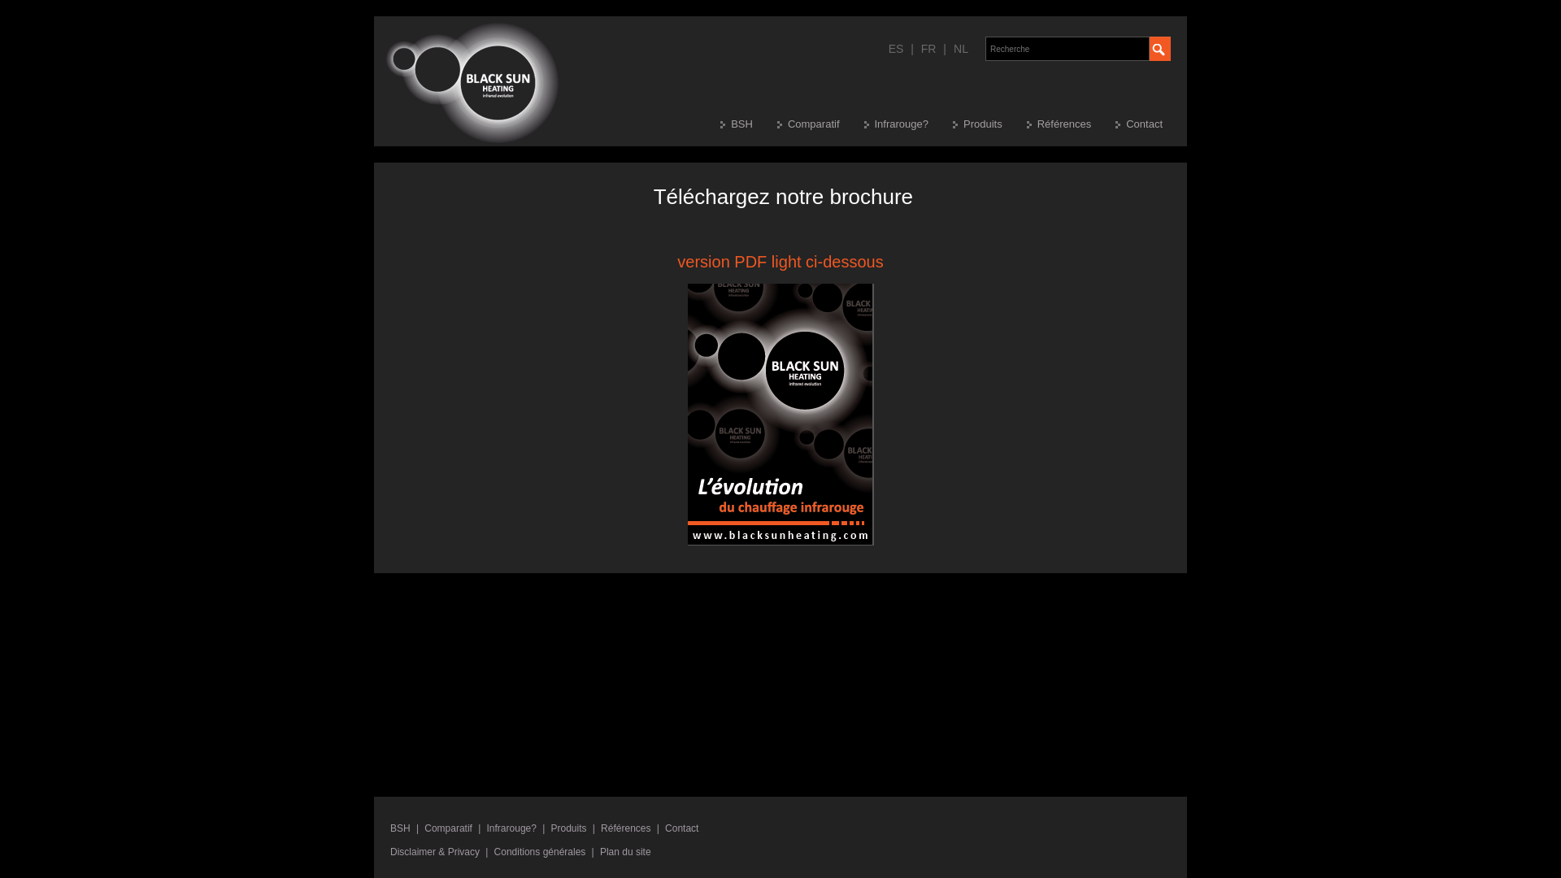 The width and height of the screenshot is (1561, 878). I want to click on 'Infrarouge?', so click(511, 828).